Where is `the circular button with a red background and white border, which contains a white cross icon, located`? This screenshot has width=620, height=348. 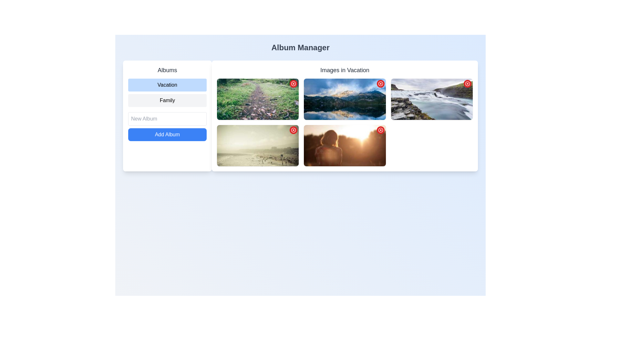
the circular button with a red background and white border, which contains a white cross icon, located is located at coordinates (380, 130).